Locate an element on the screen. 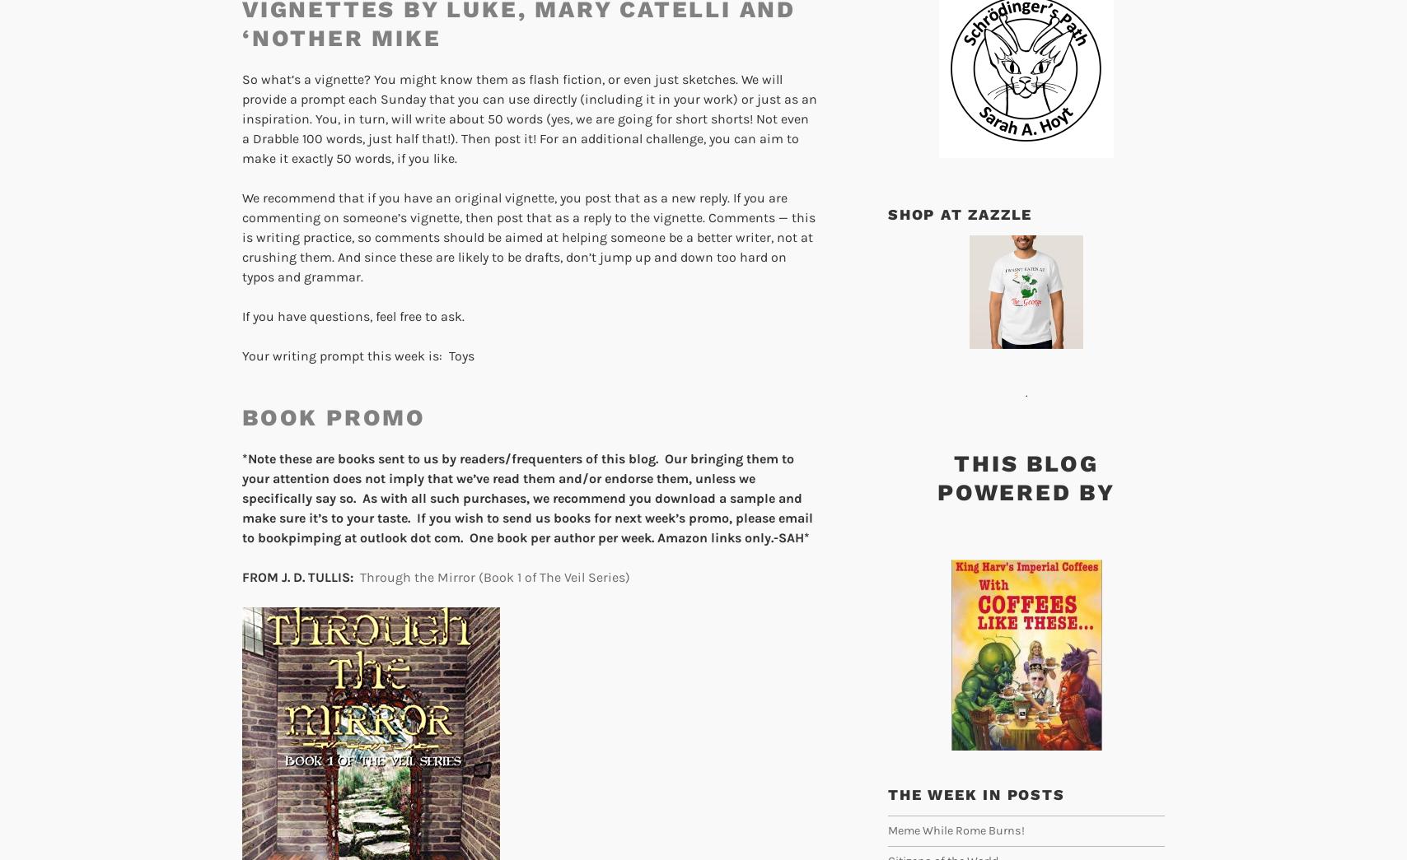 The height and width of the screenshot is (860, 1407). 'If you have questions, feel free to ask.' is located at coordinates (353, 315).